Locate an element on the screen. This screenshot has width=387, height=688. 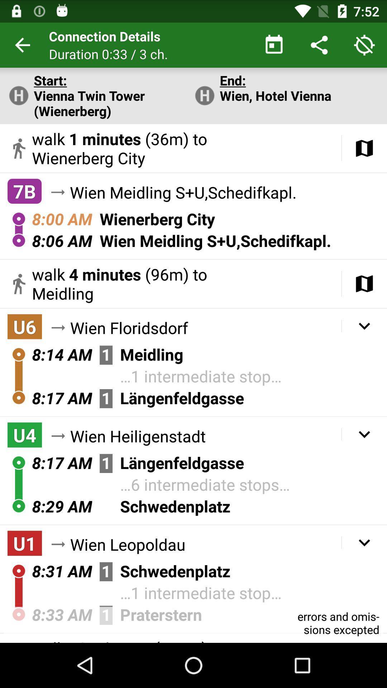
the expand_more icon is located at coordinates (364, 580).